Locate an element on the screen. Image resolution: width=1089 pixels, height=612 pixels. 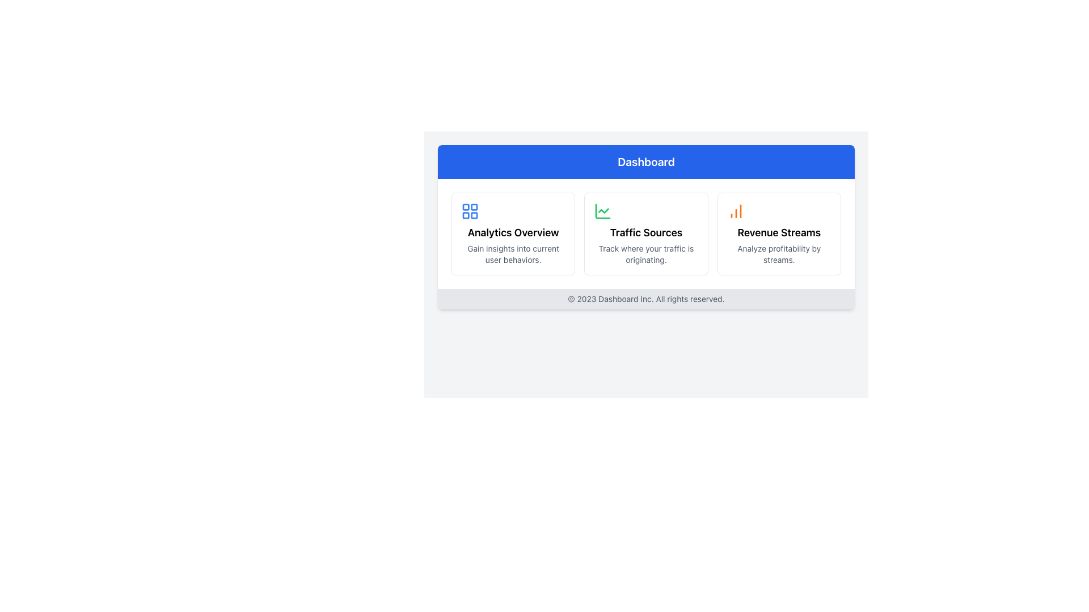
the blue outline grid icon, which is the top-left component within the horizontal group of icons in the 'Analytics Overview' section of the dashboard is located at coordinates (470, 211).